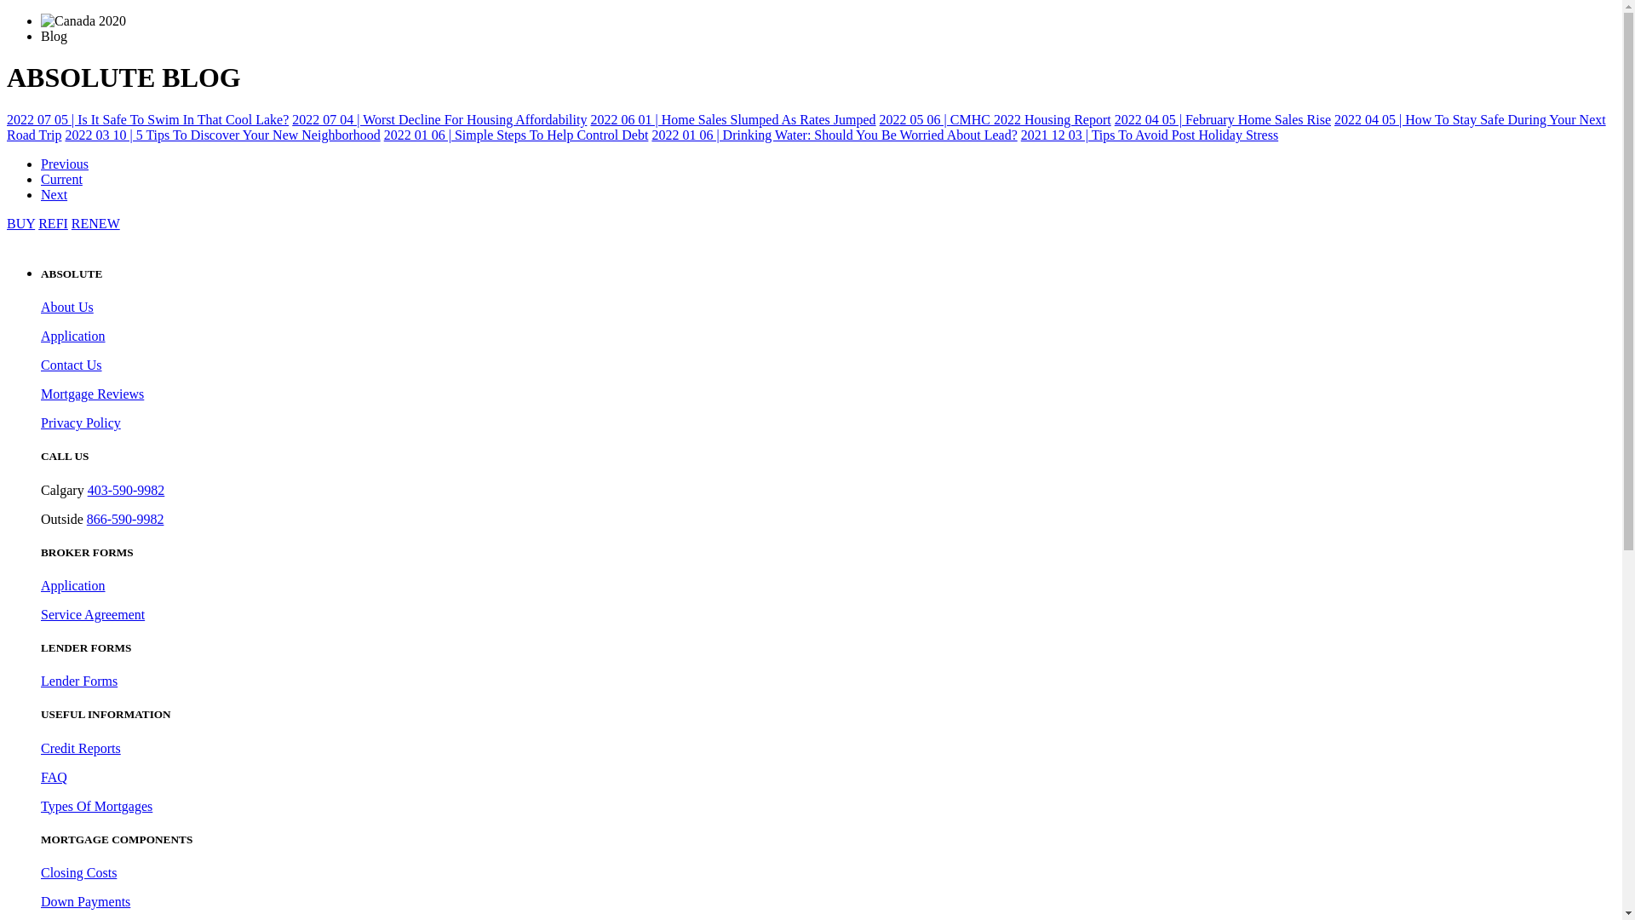  What do you see at coordinates (92, 614) in the screenshot?
I see `'Service Agreement'` at bounding box center [92, 614].